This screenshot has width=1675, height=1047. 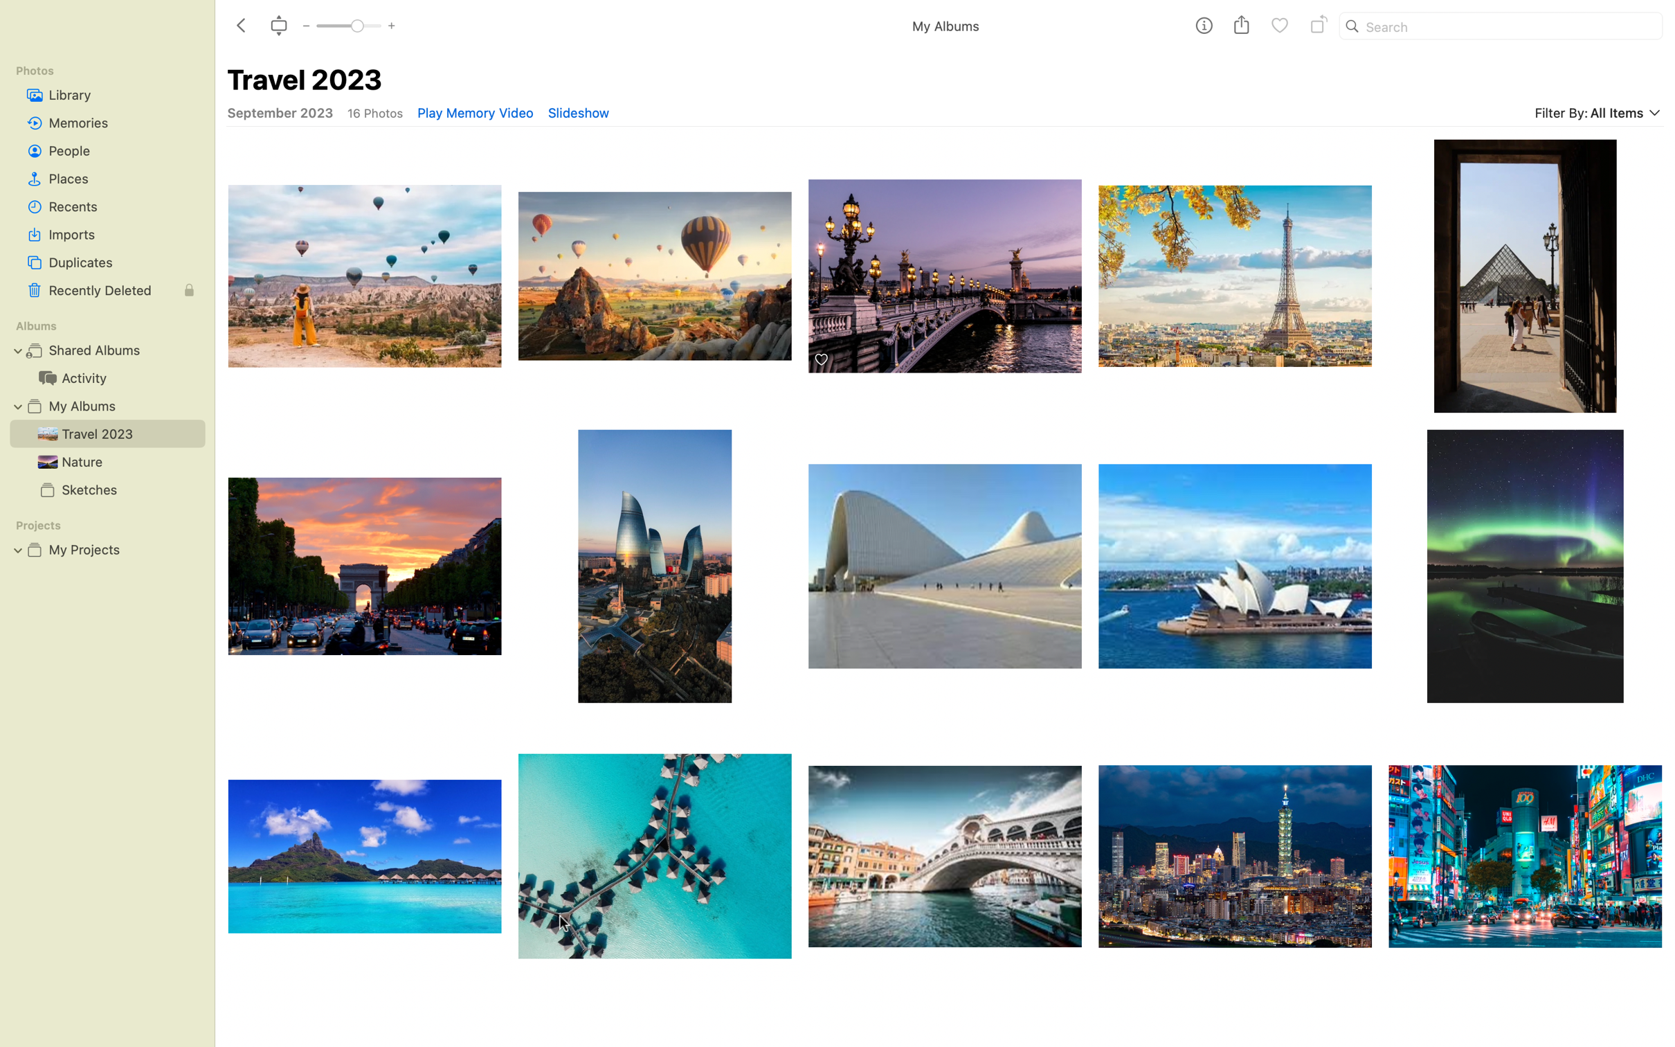 I want to click on Perform a triple rotation on the picture of the lotus temple in Sydney, so click(x=1235, y=565).